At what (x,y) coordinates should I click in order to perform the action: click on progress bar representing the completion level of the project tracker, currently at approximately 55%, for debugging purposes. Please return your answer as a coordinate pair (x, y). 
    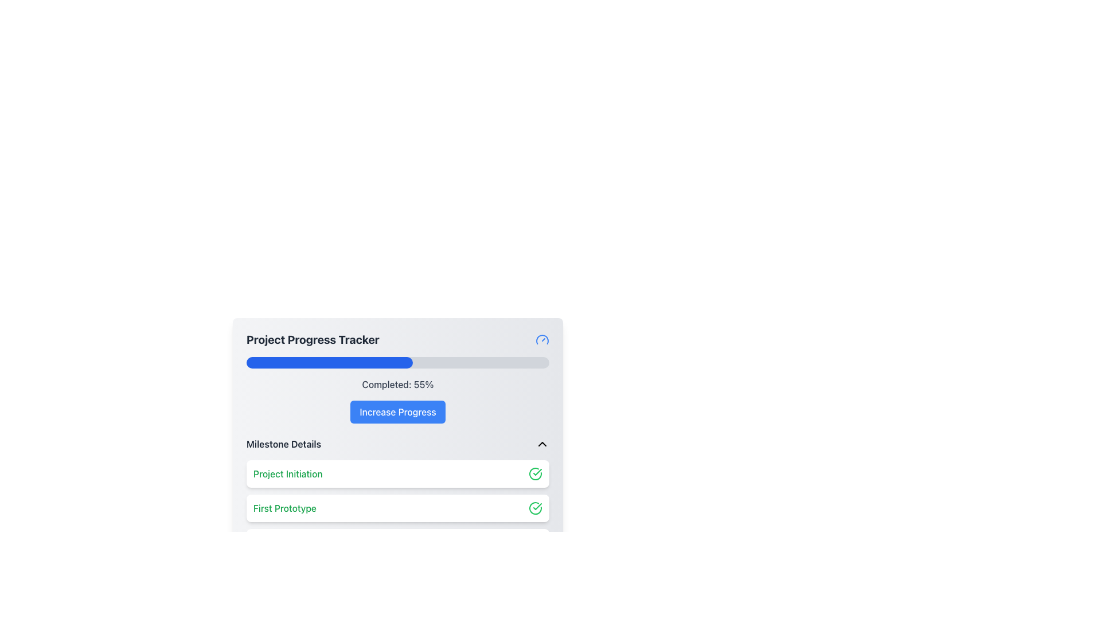
    Looking at the image, I should click on (398, 362).